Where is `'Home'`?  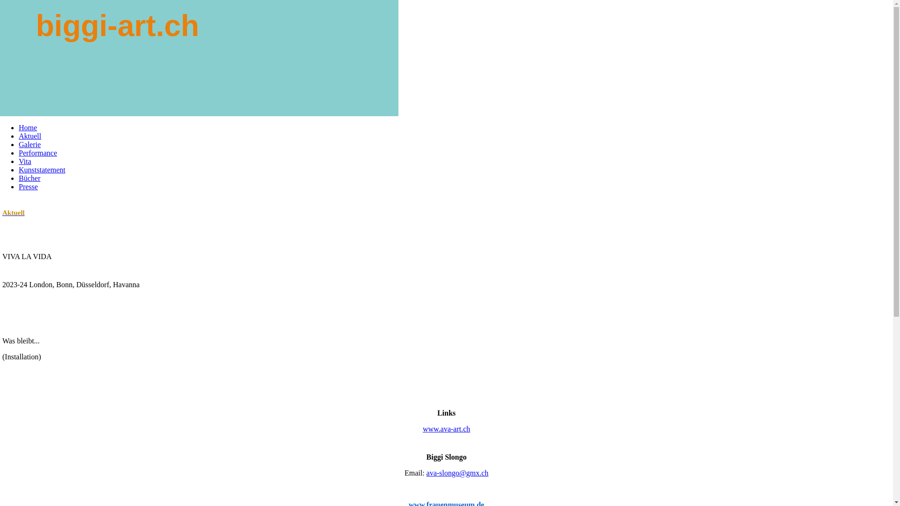 'Home' is located at coordinates (28, 127).